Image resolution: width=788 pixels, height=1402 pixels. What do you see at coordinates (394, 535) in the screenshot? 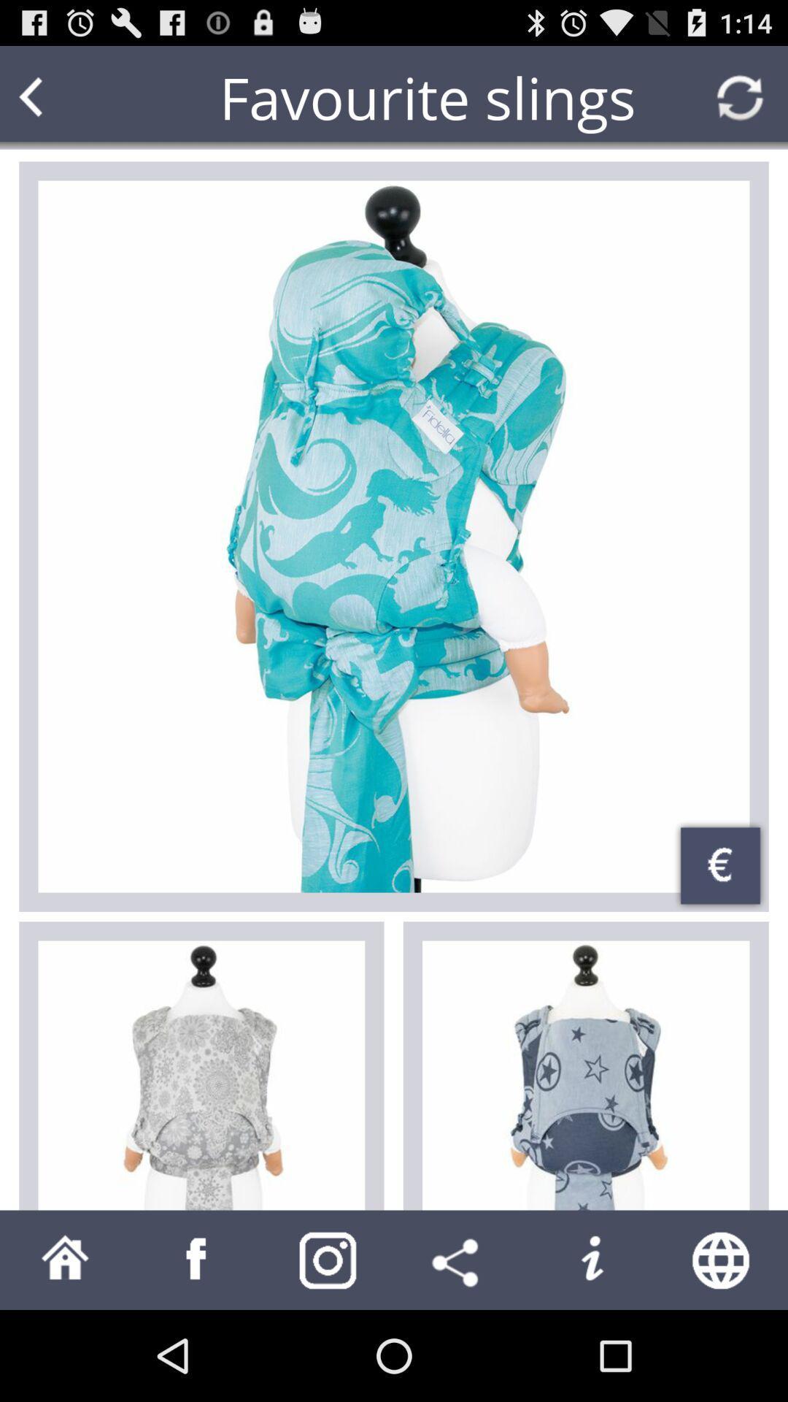
I see `expend image` at bounding box center [394, 535].